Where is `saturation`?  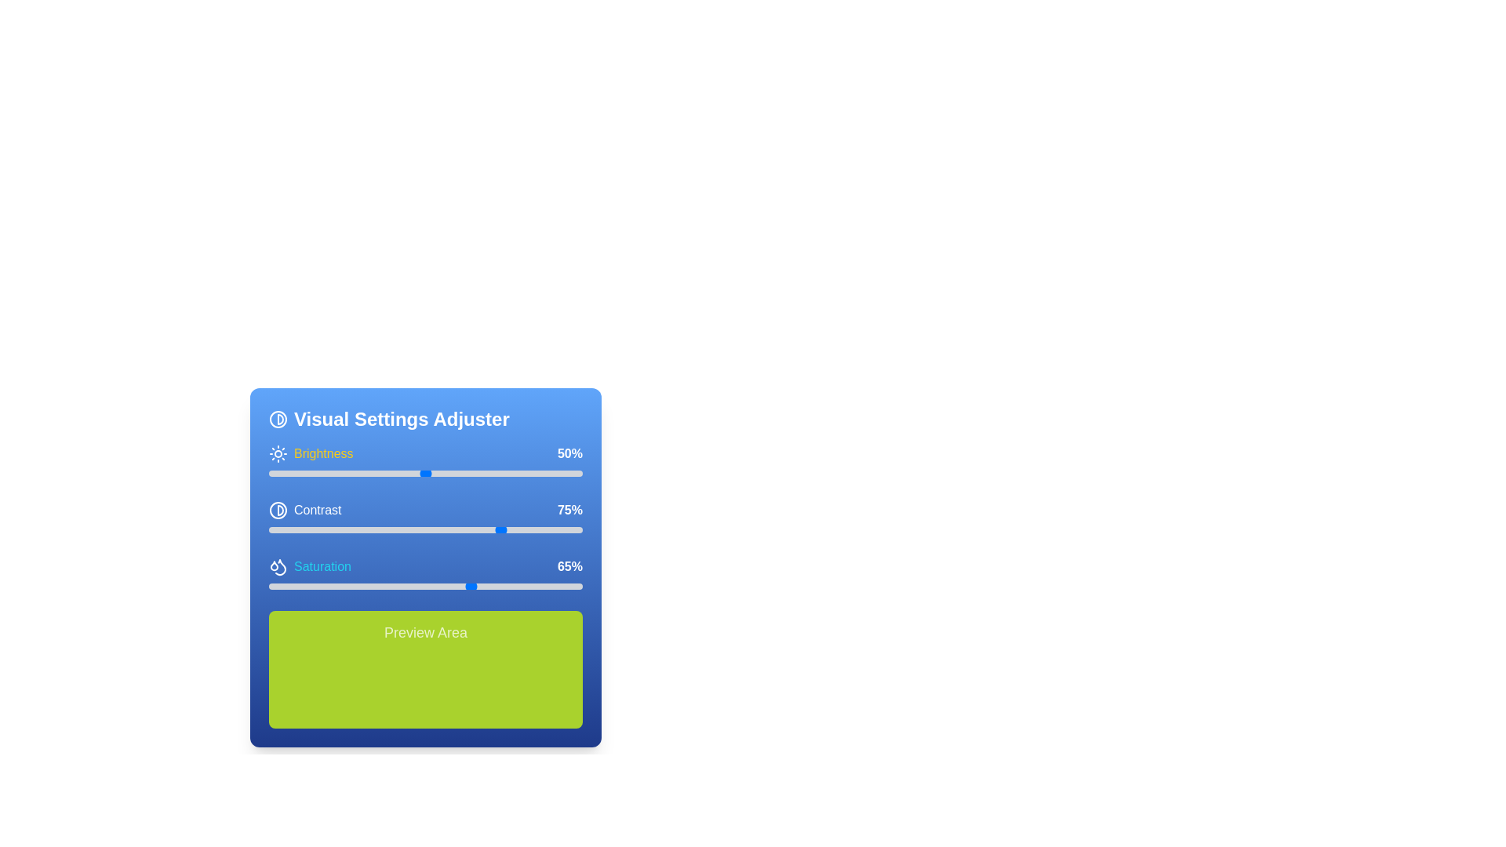 saturation is located at coordinates (381, 587).